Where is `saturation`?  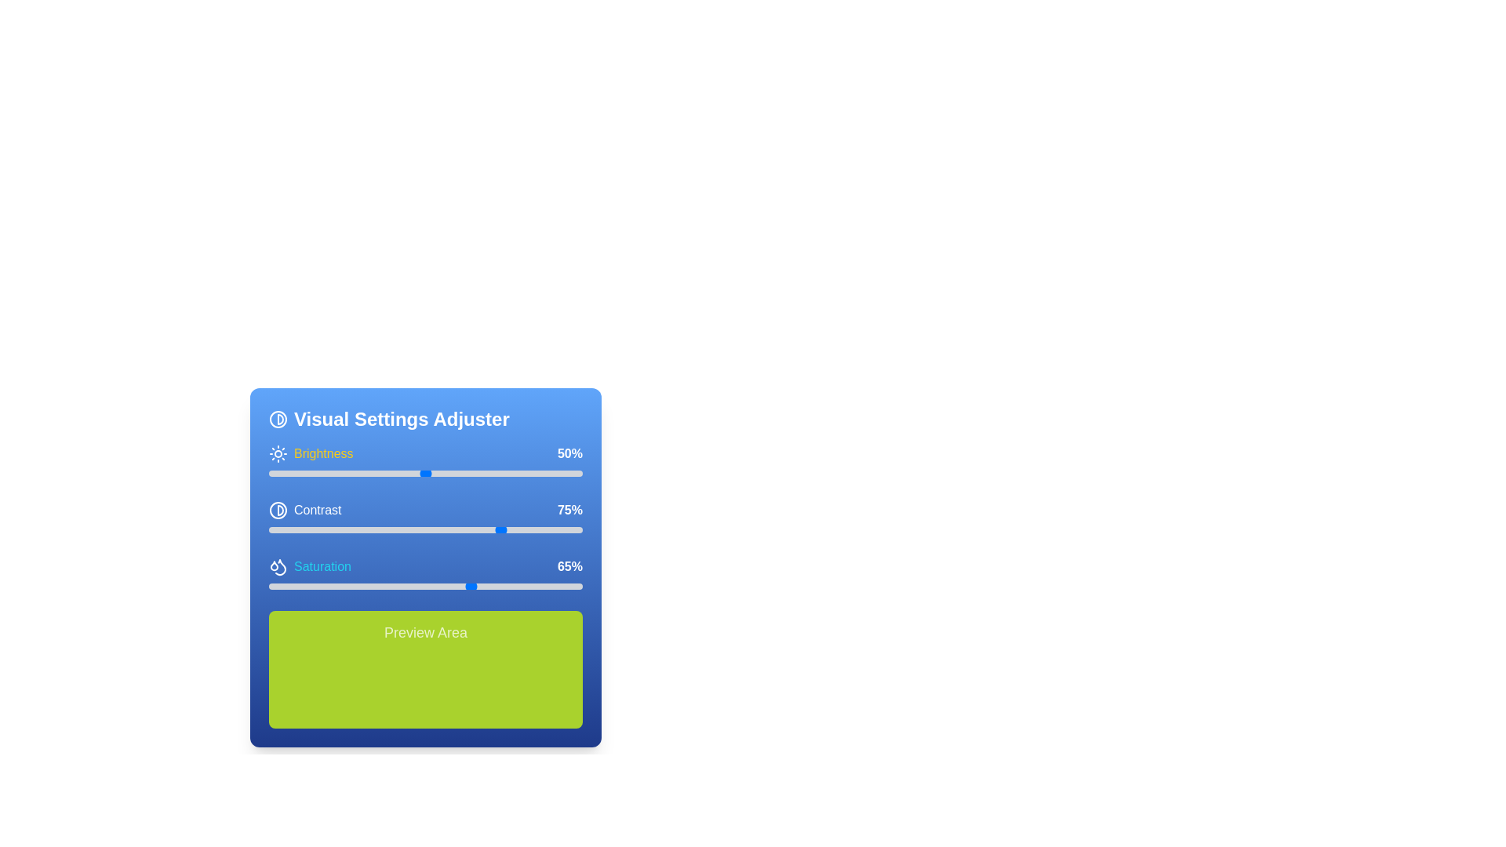 saturation is located at coordinates (381, 587).